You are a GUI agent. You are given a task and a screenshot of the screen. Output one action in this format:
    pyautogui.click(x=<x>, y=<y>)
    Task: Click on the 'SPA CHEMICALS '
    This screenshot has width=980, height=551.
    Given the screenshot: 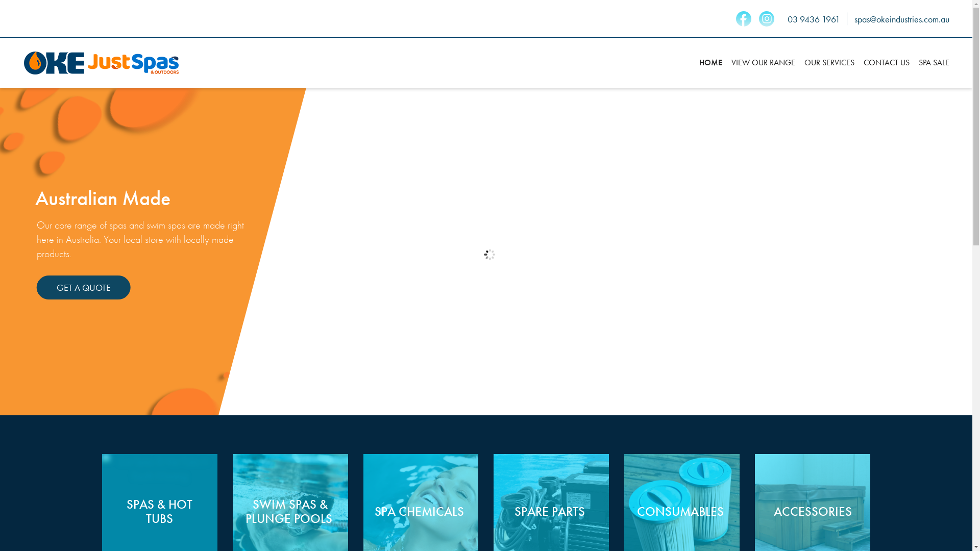 What is the action you would take?
    pyautogui.click(x=421, y=511)
    